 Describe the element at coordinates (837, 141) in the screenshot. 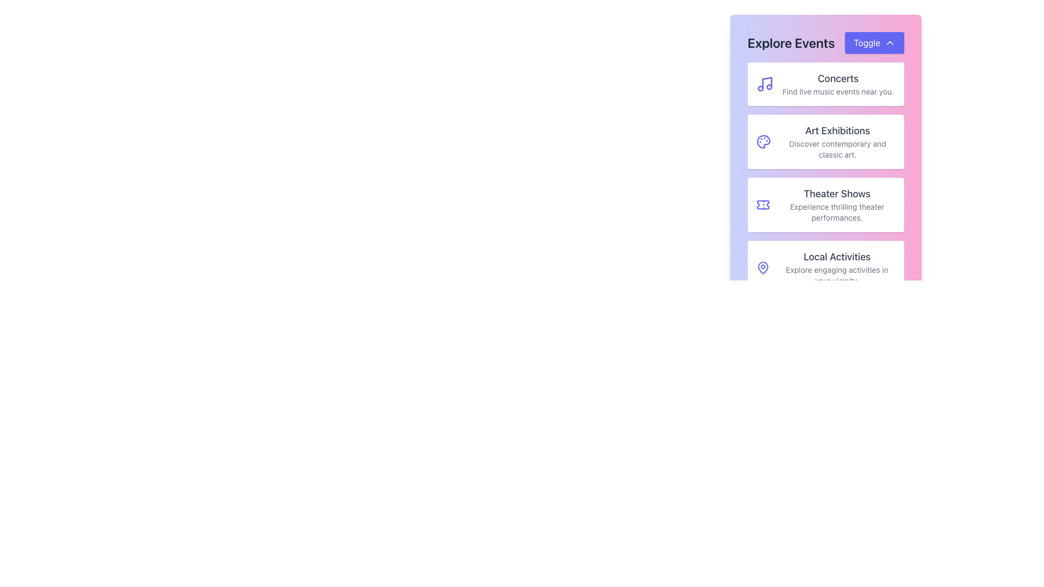

I see `the 'Art Exhibitions' text label and description which is the second card in the sidebar, positioned below the 'Concerts' card and above 'Theater Shows'` at that location.